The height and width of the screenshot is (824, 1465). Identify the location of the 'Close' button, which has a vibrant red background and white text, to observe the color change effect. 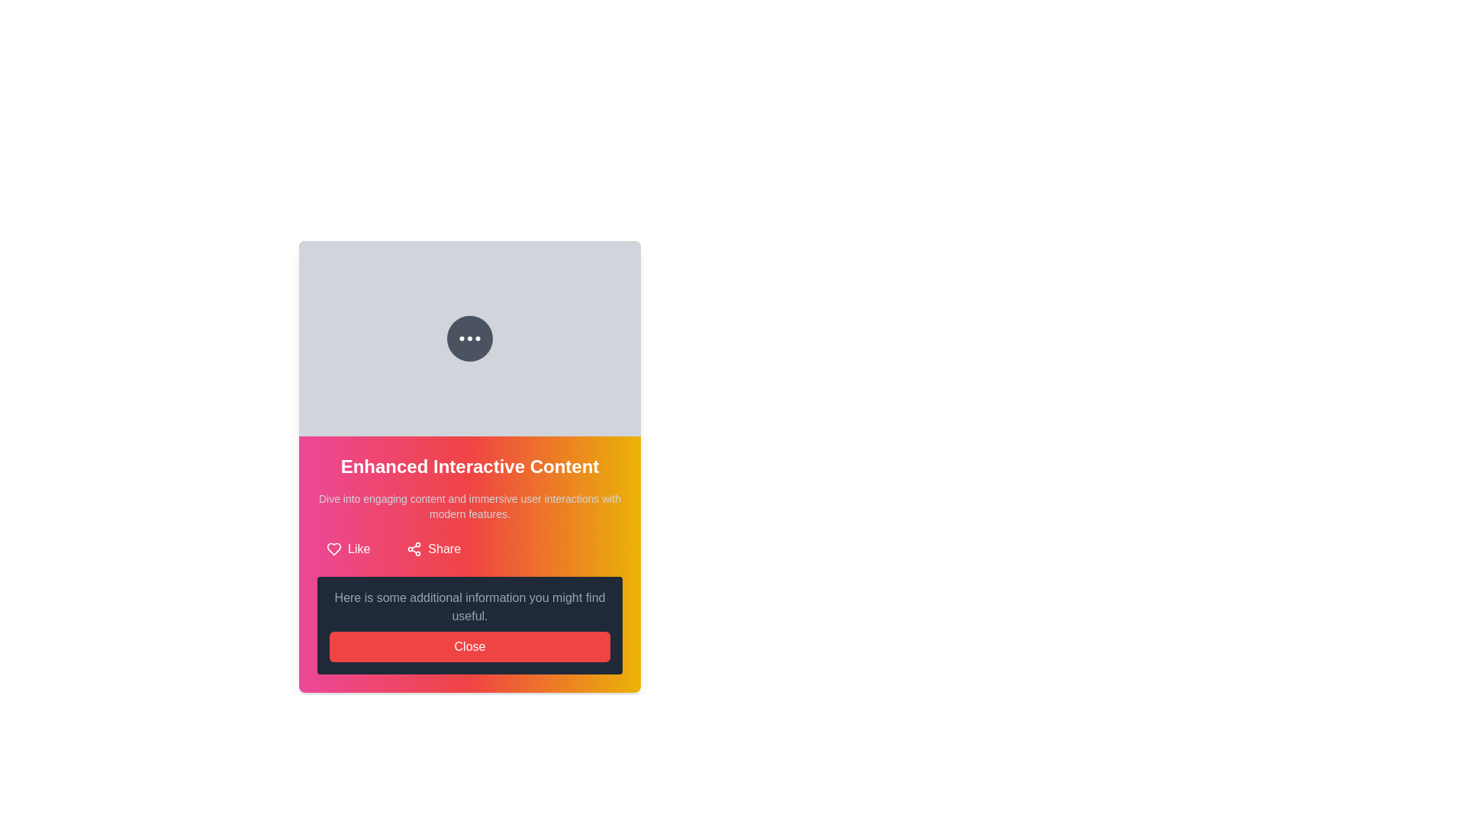
(468, 647).